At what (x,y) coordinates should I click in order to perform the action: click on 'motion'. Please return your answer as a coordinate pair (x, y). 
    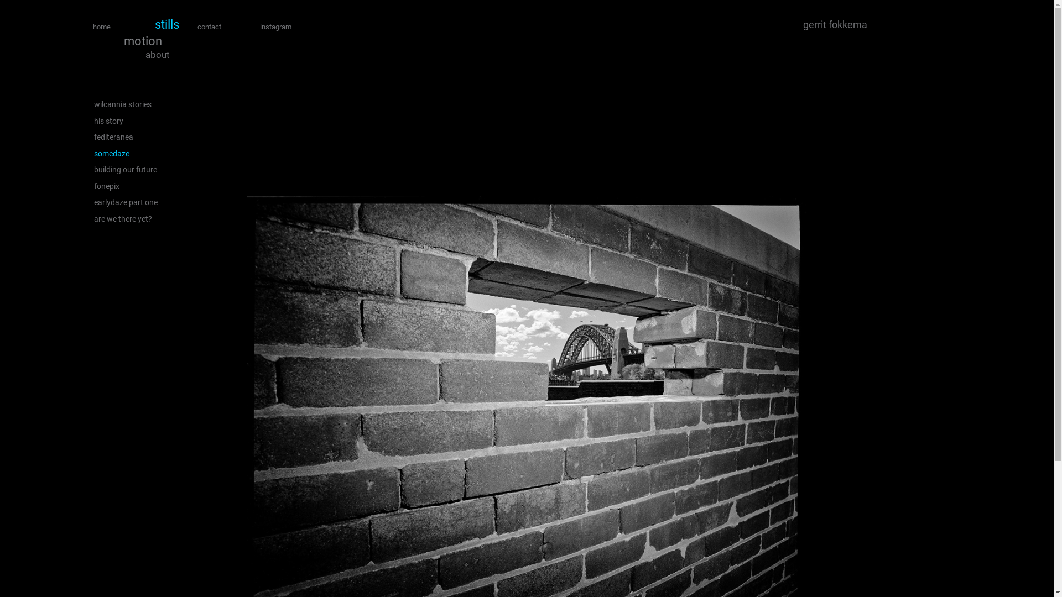
    Looking at the image, I should click on (142, 40).